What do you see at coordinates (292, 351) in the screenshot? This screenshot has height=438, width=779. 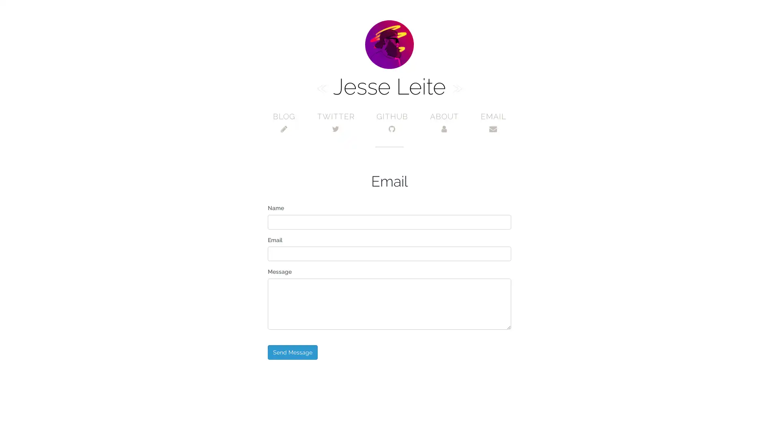 I see `Send Message` at bounding box center [292, 351].